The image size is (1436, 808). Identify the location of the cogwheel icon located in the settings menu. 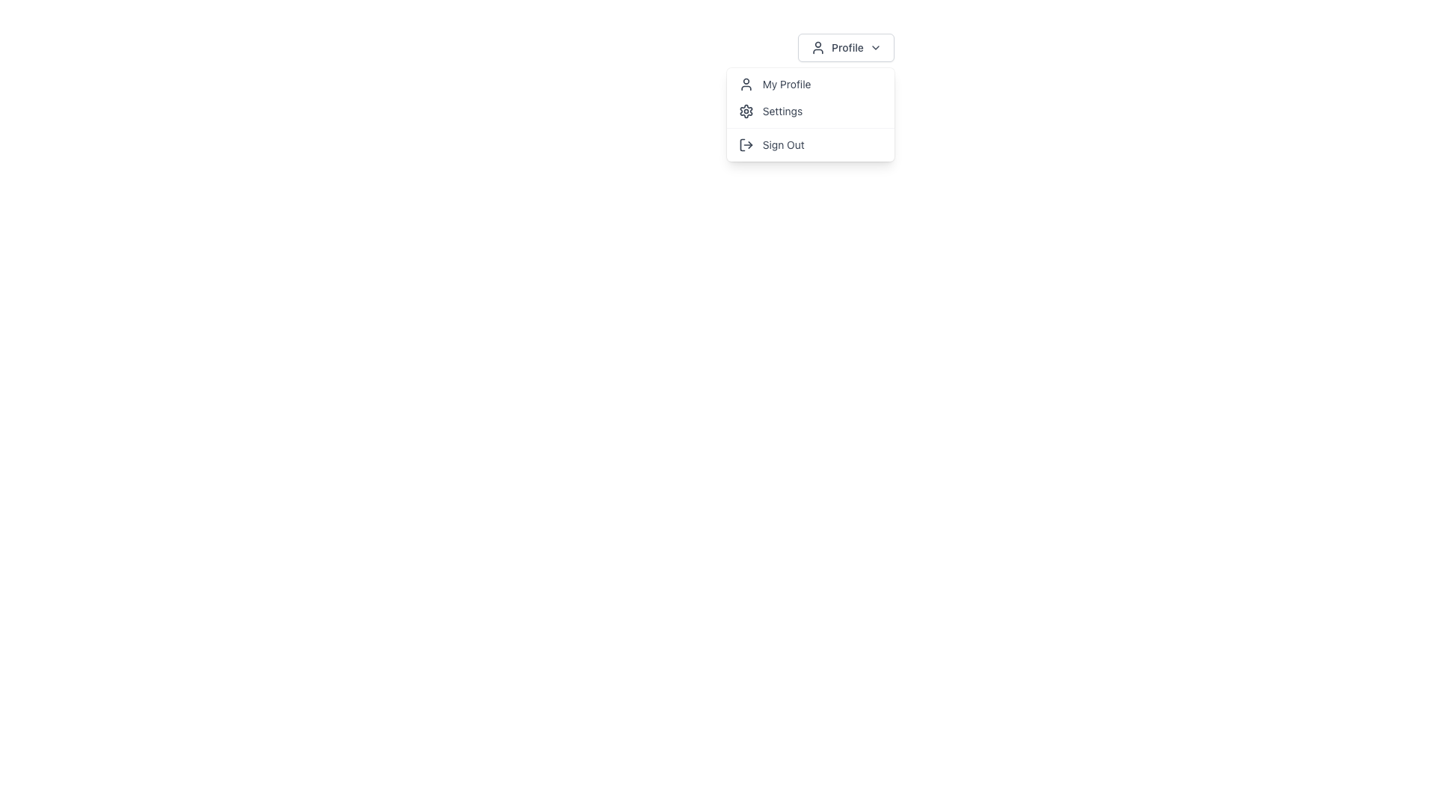
(746, 111).